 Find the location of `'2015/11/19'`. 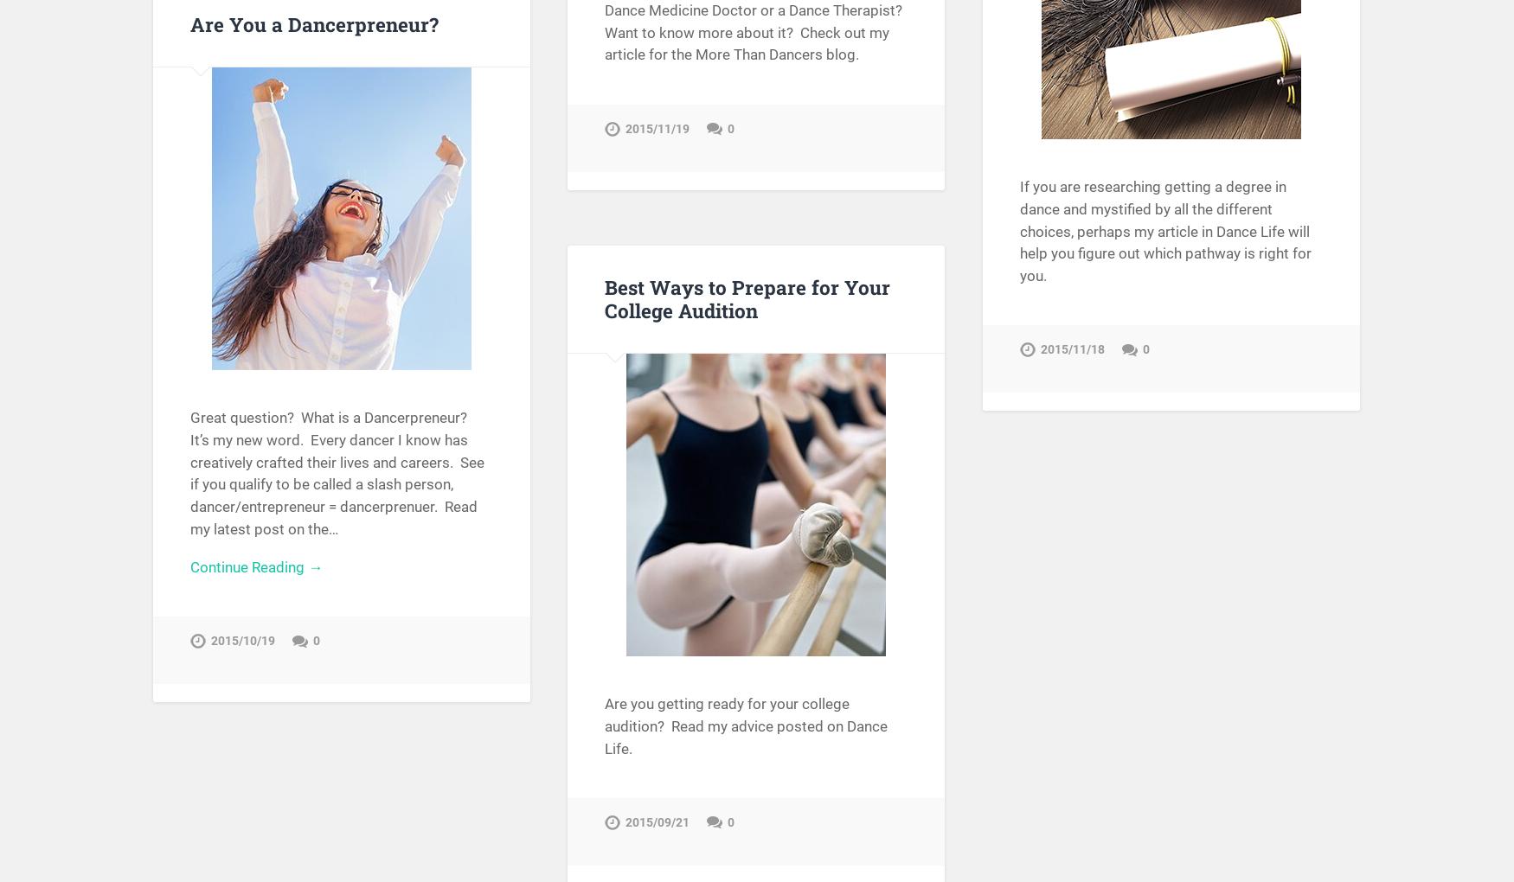

'2015/11/19' is located at coordinates (657, 136).